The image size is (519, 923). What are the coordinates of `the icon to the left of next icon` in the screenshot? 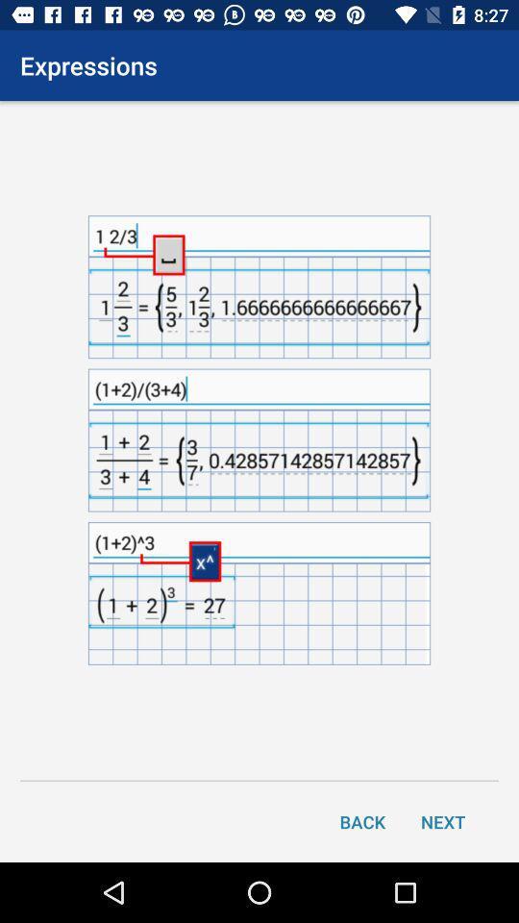 It's located at (362, 820).